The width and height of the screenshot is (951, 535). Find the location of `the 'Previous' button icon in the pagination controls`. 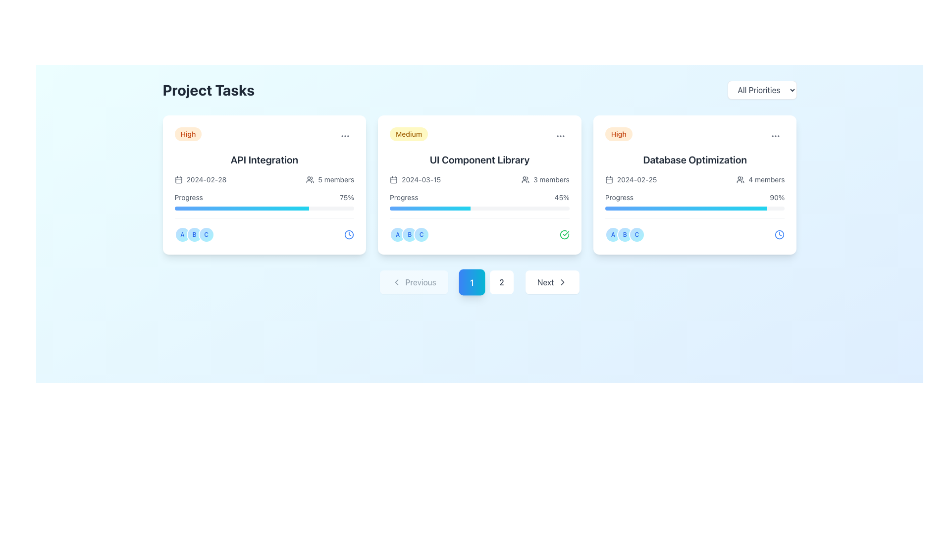

the 'Previous' button icon in the pagination controls is located at coordinates (396, 282).